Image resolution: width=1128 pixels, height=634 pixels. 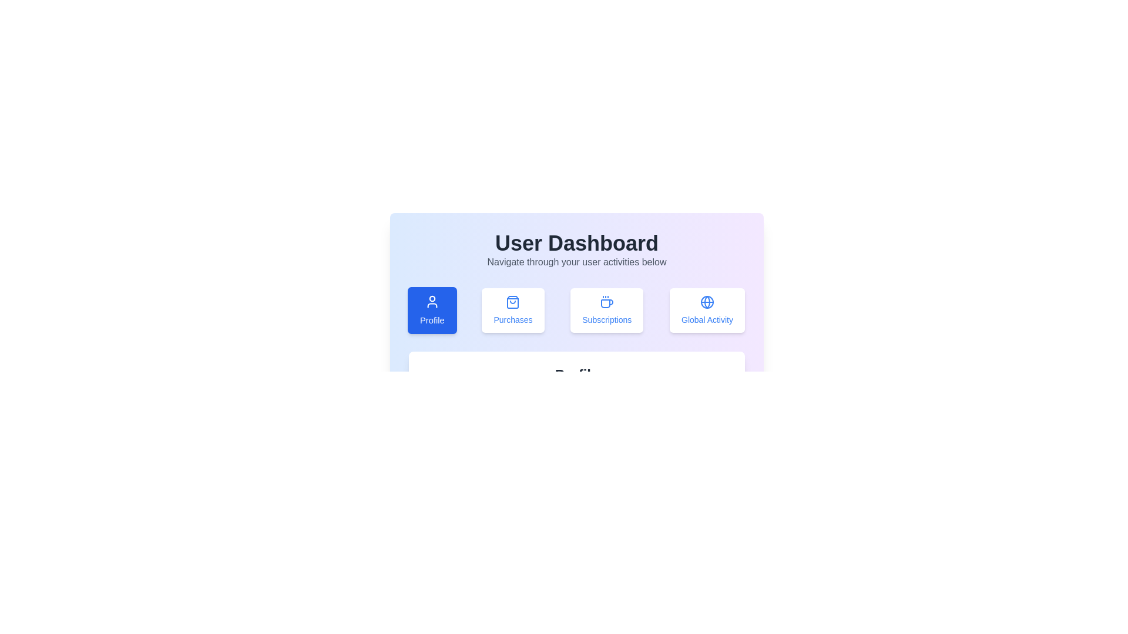 What do you see at coordinates (607, 309) in the screenshot?
I see `the Subscriptions tab to view its content` at bounding box center [607, 309].